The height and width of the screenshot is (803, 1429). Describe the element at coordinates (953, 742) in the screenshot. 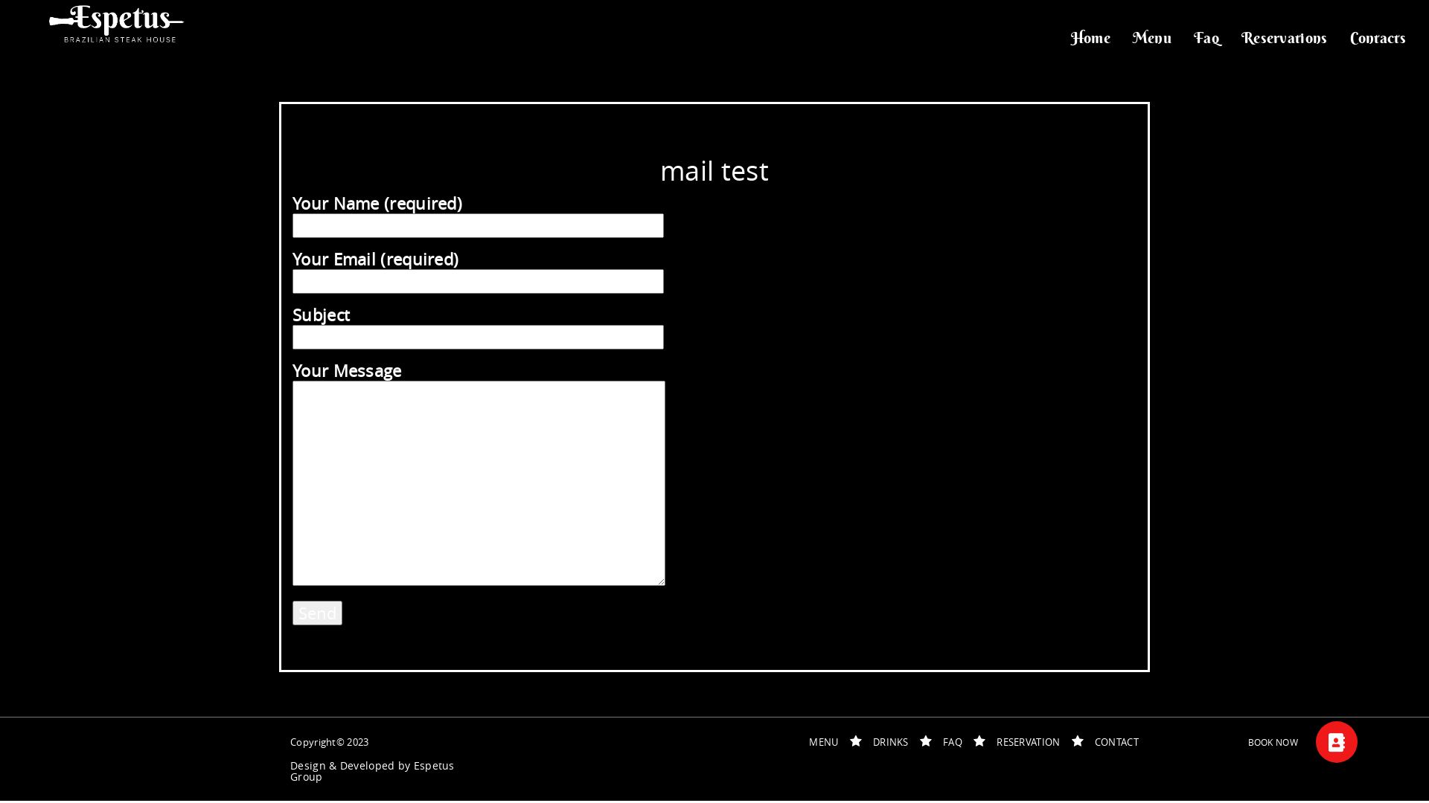

I see `'FAQ'` at that location.